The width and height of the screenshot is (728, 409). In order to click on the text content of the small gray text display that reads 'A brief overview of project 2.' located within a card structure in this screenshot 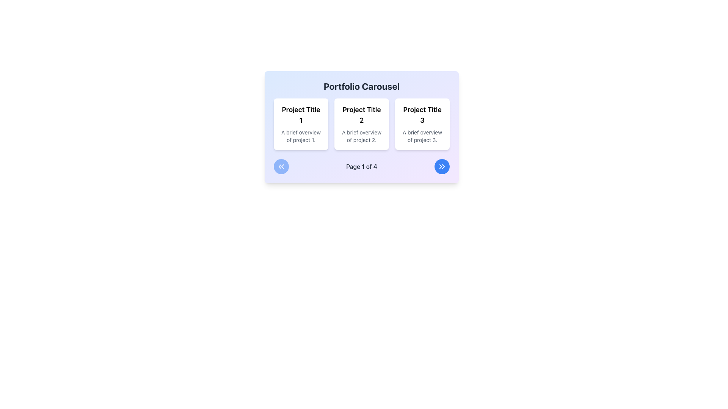, I will do `click(361, 136)`.